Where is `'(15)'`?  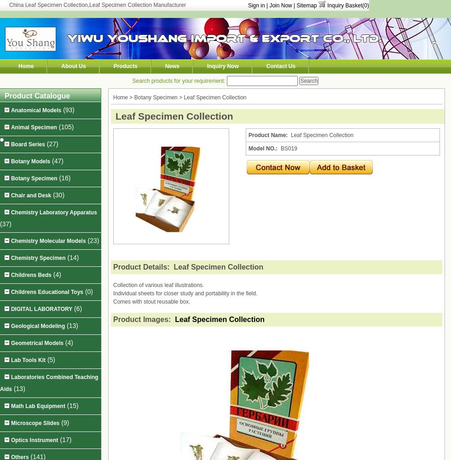
'(15)' is located at coordinates (71, 406).